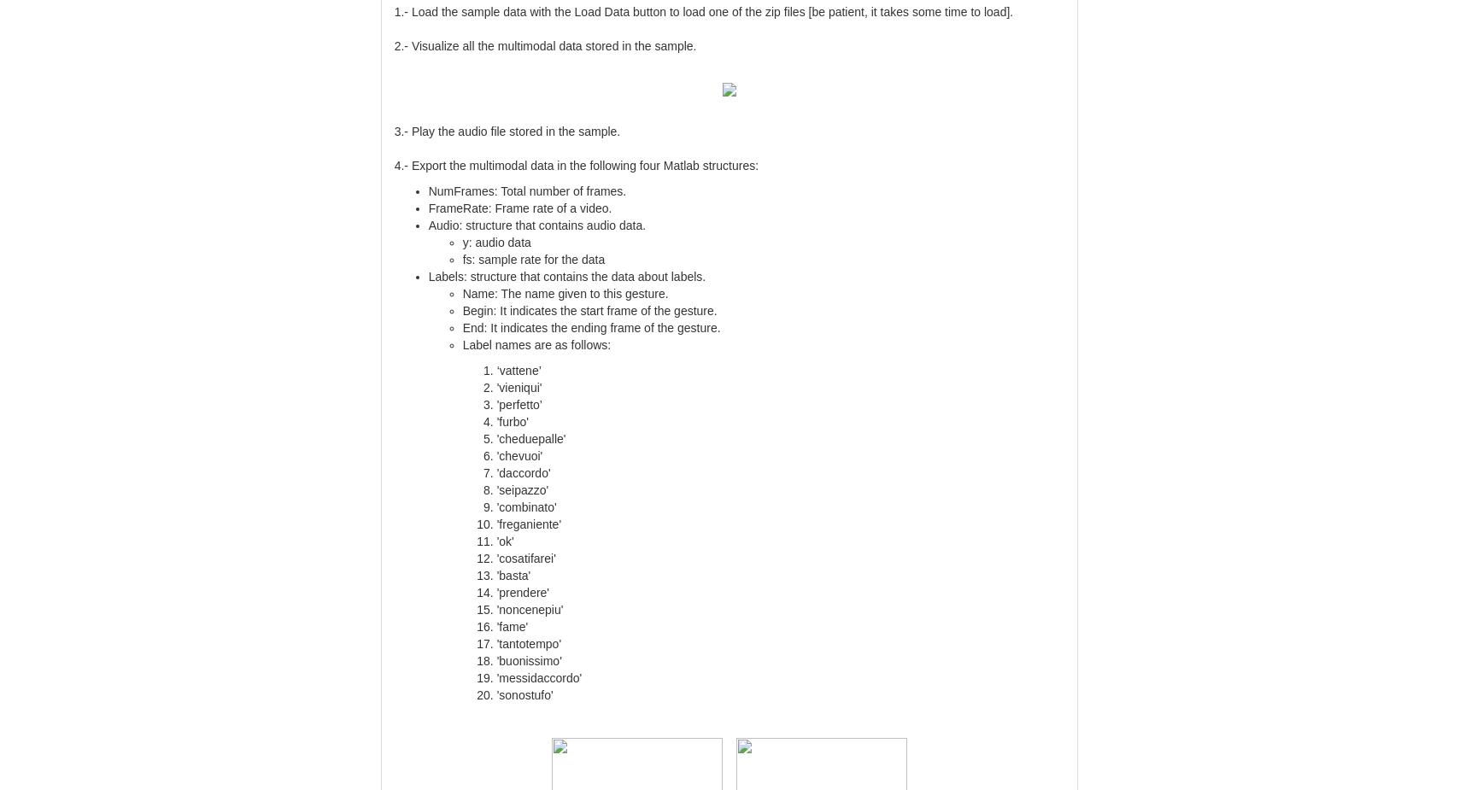  Describe the element at coordinates (519, 454) in the screenshot. I see `''chevuoi''` at that location.